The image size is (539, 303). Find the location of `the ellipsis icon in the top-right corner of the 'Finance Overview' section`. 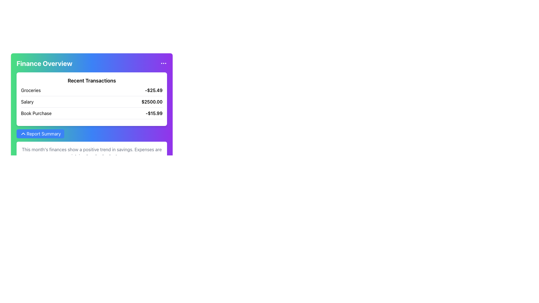

the ellipsis icon in the top-right corner of the 'Finance Overview' section is located at coordinates (163, 63).